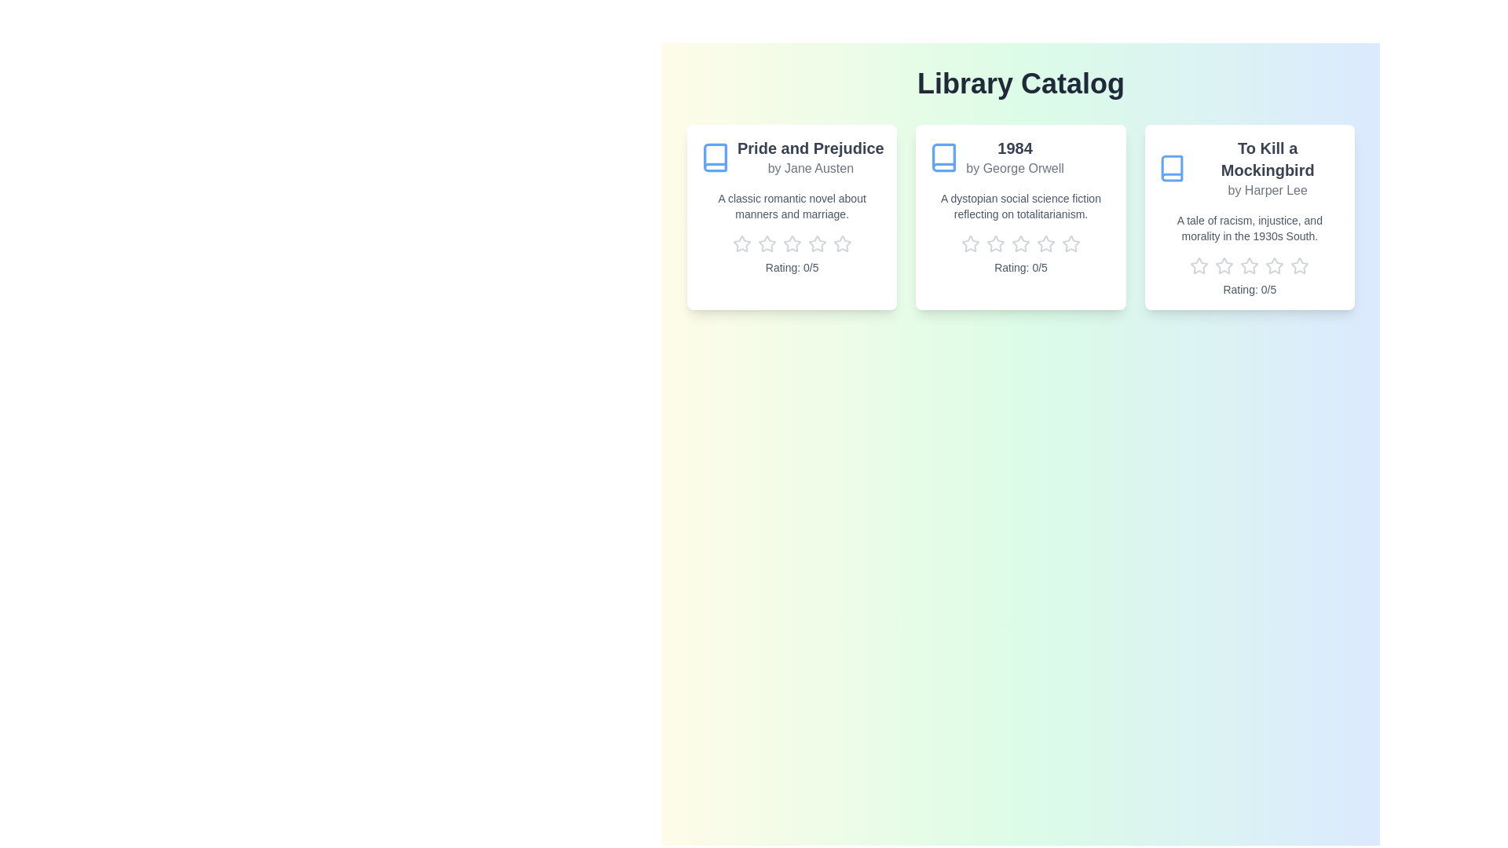 This screenshot has height=848, width=1508. Describe the element at coordinates (1045, 244) in the screenshot. I see `the rating of the book '1984' to 4 stars by clicking the corresponding star` at that location.